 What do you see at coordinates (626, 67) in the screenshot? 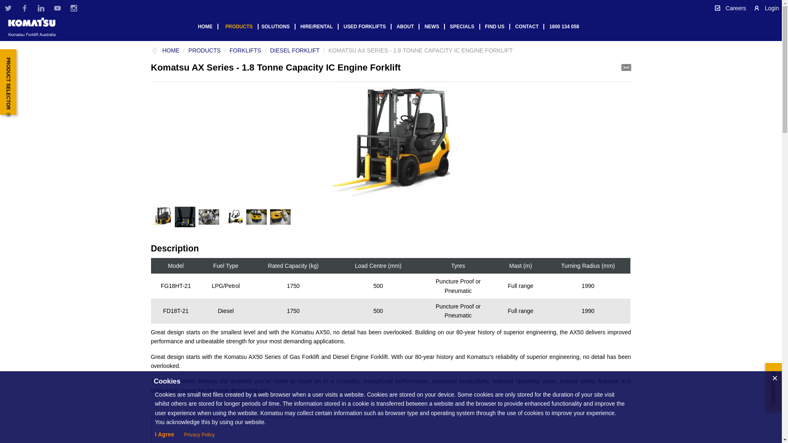
I see `'Email'` at bounding box center [626, 67].